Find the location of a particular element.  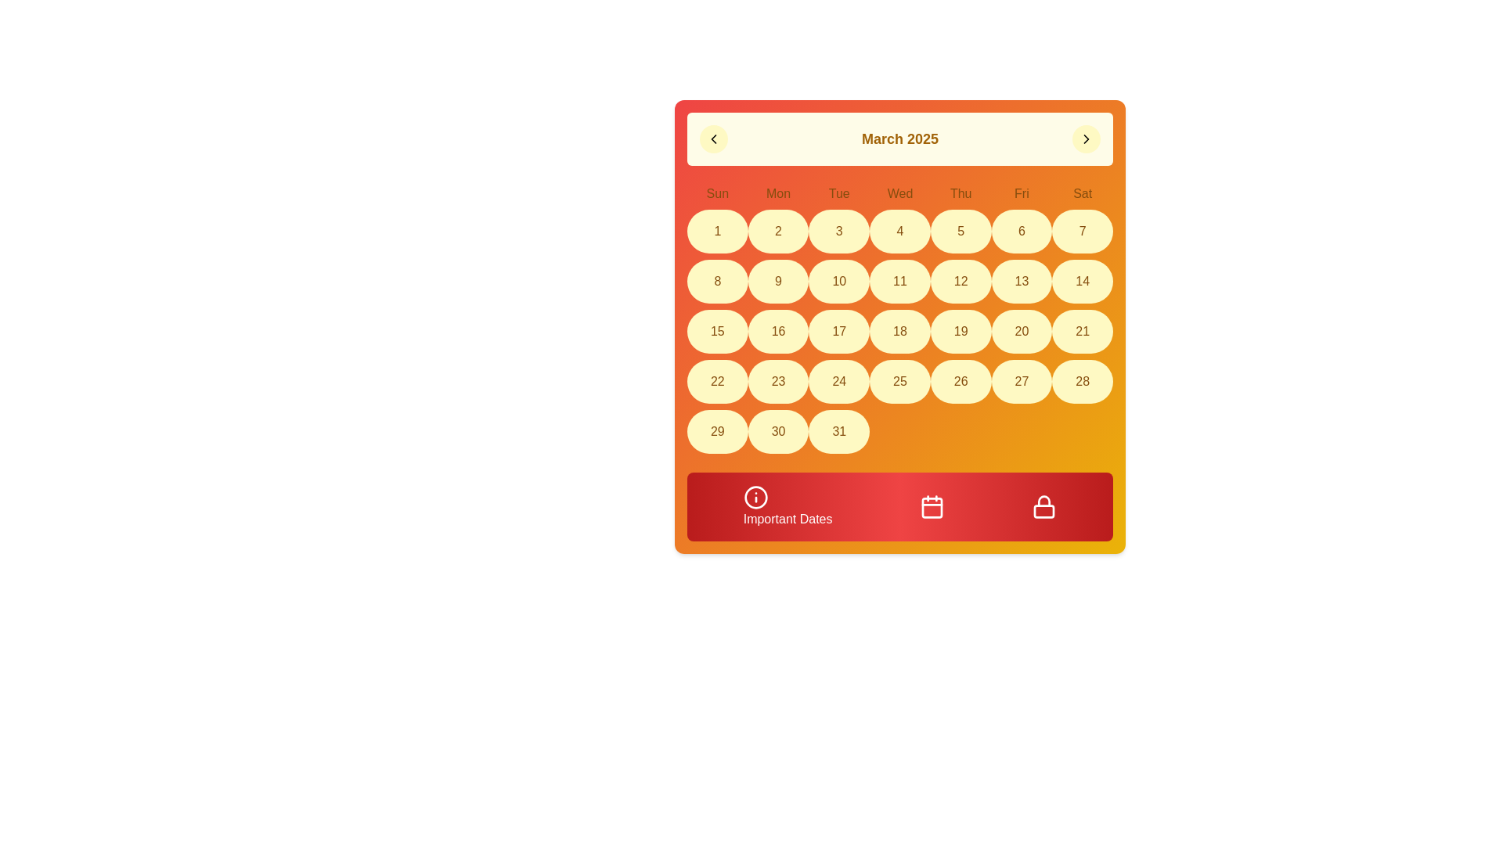

the right-pointing chevron icon located in the top right corner of the calendar interface, next to the month display ('March 2025') is located at coordinates (1085, 138).